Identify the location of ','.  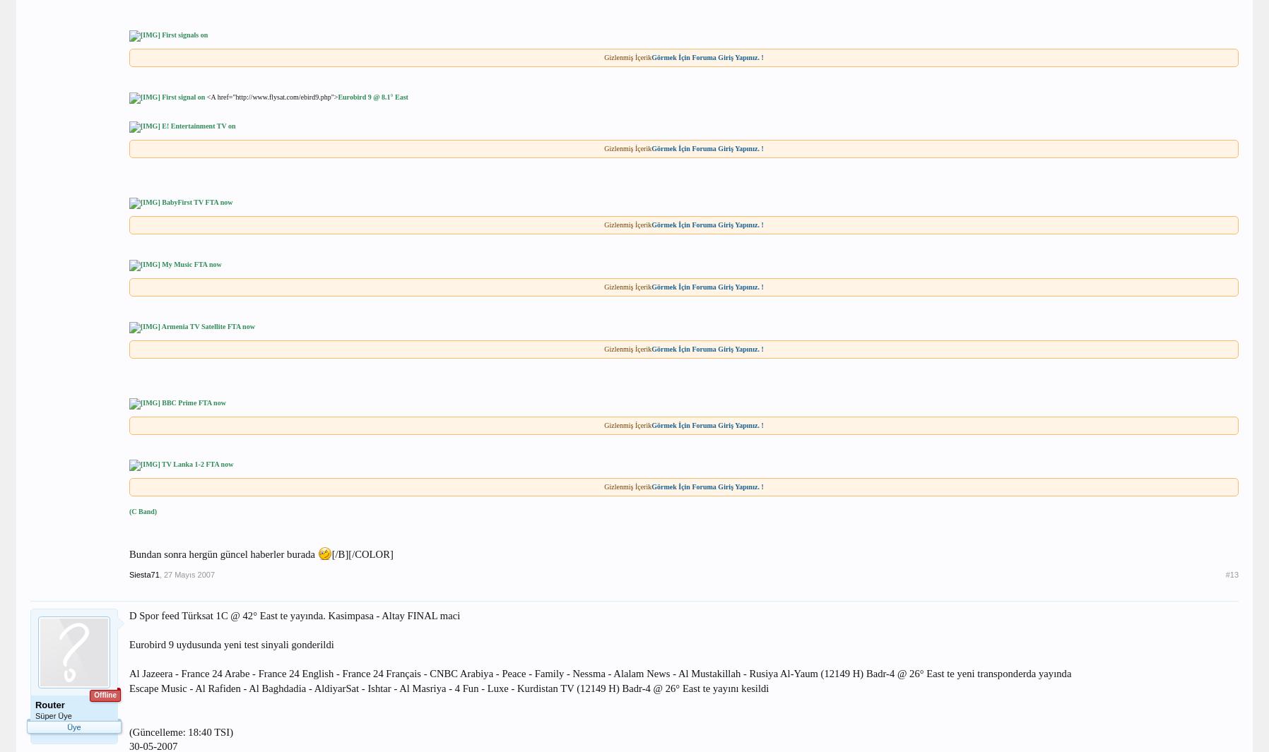
(160, 574).